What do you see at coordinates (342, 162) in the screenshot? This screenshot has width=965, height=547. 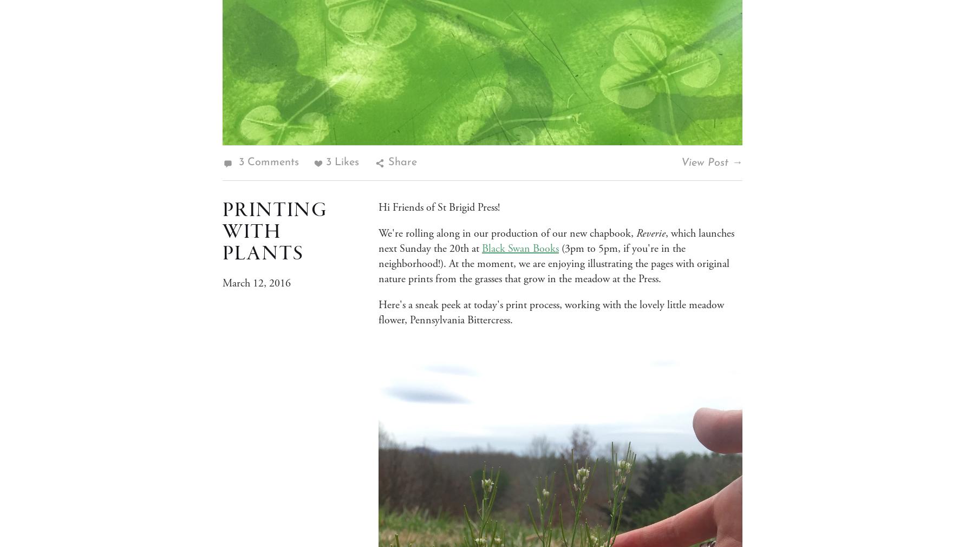 I see `'3 Likes'` at bounding box center [342, 162].